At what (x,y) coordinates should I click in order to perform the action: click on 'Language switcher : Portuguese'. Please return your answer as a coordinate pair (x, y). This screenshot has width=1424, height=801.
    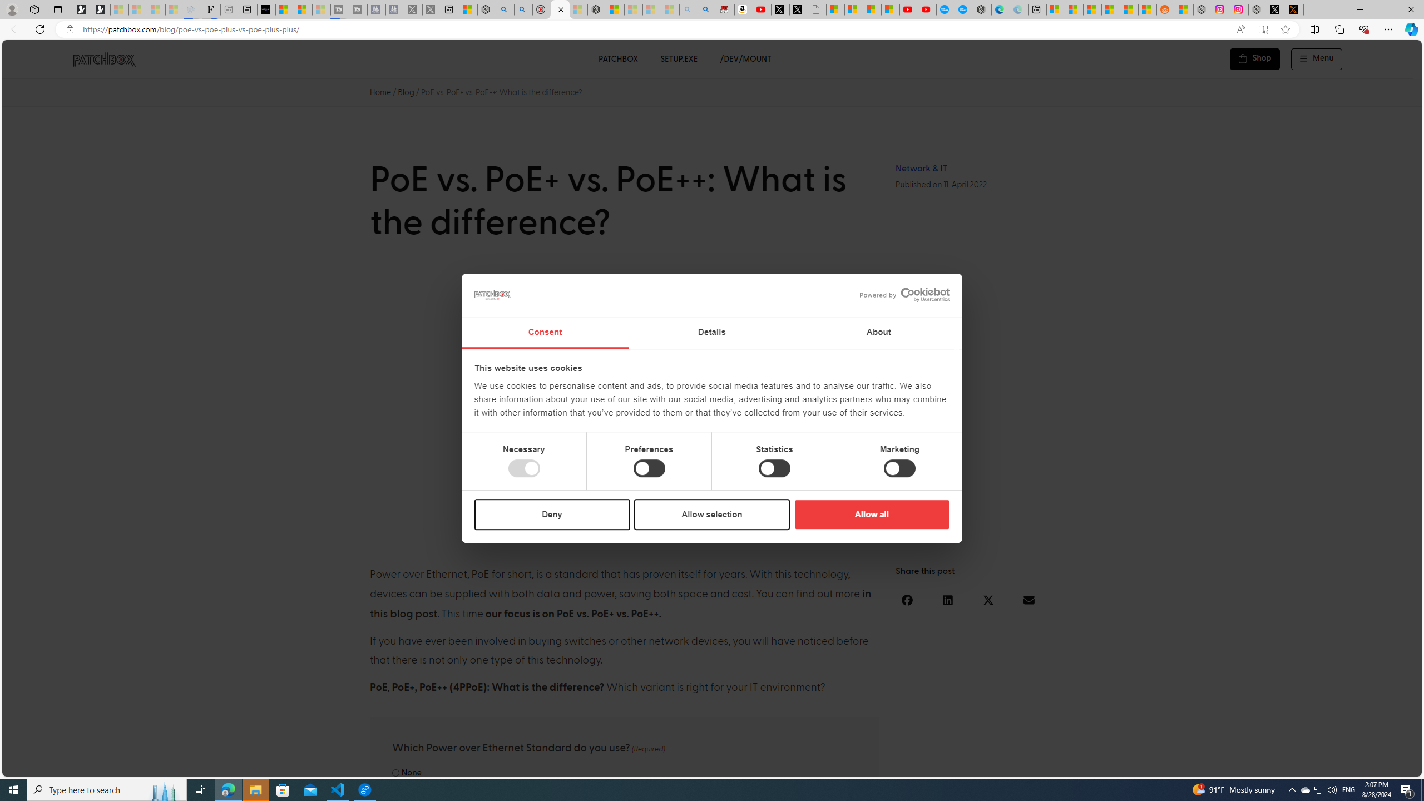
    Looking at the image, I should click on (1371, 765).